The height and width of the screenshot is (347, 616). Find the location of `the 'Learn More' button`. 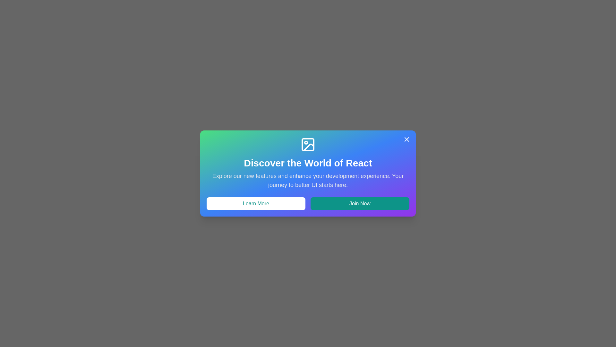

the 'Learn More' button is located at coordinates (255, 203).